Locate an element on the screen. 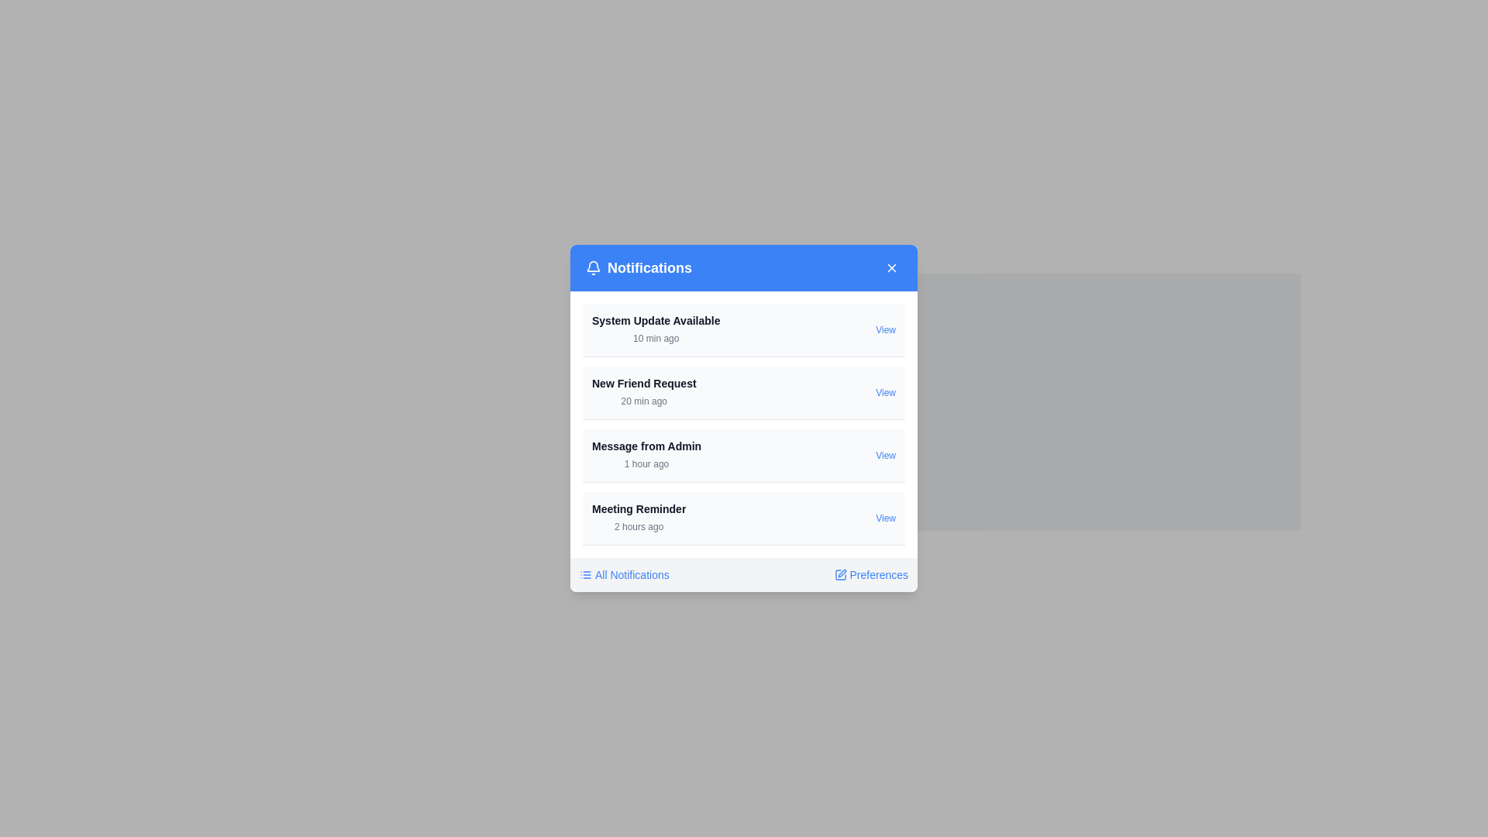 Image resolution: width=1488 pixels, height=837 pixels. the notification entry titled 'System Update Available' which is the first entry in the notifications list, located below the 'Notifications' header is located at coordinates (656, 329).